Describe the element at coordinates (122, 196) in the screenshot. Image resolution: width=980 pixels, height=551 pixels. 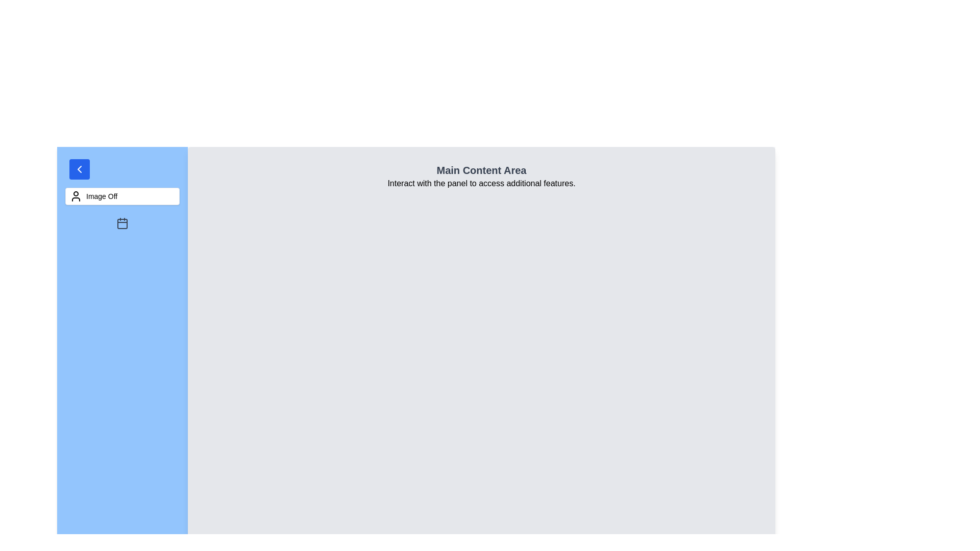
I see `the button labeled 'Image Off', which is a horizontal rectangular button with rounded corners, styled in white with a gray shadow, located in the upper-left corner of the interface within a blue sidebar panel` at that location.